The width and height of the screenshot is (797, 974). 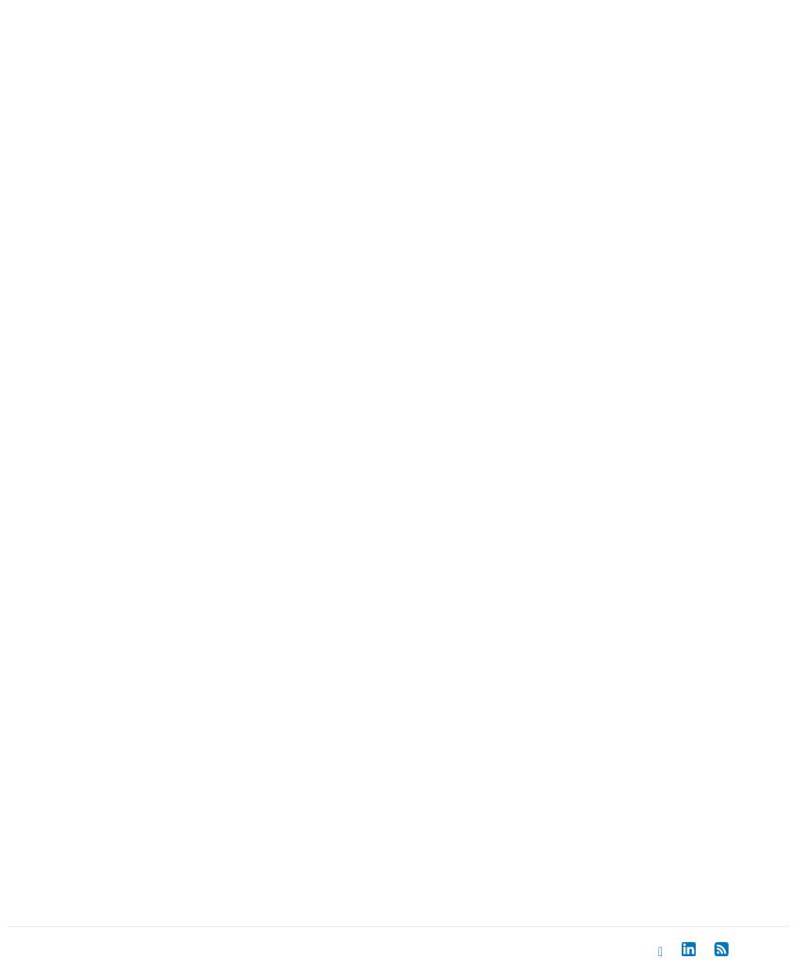 I want to click on 'Home', so click(x=69, y=824).